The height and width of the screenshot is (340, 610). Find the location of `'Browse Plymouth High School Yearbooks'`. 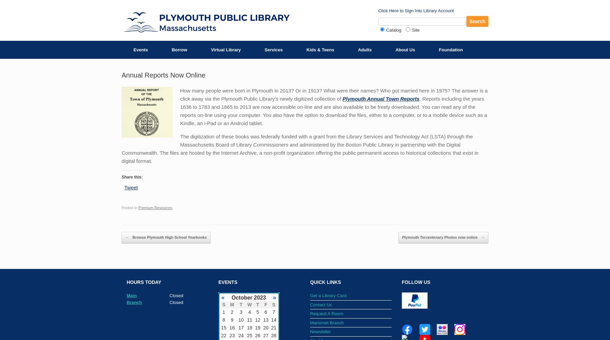

'Browse Plymouth High School Yearbooks' is located at coordinates (168, 237).